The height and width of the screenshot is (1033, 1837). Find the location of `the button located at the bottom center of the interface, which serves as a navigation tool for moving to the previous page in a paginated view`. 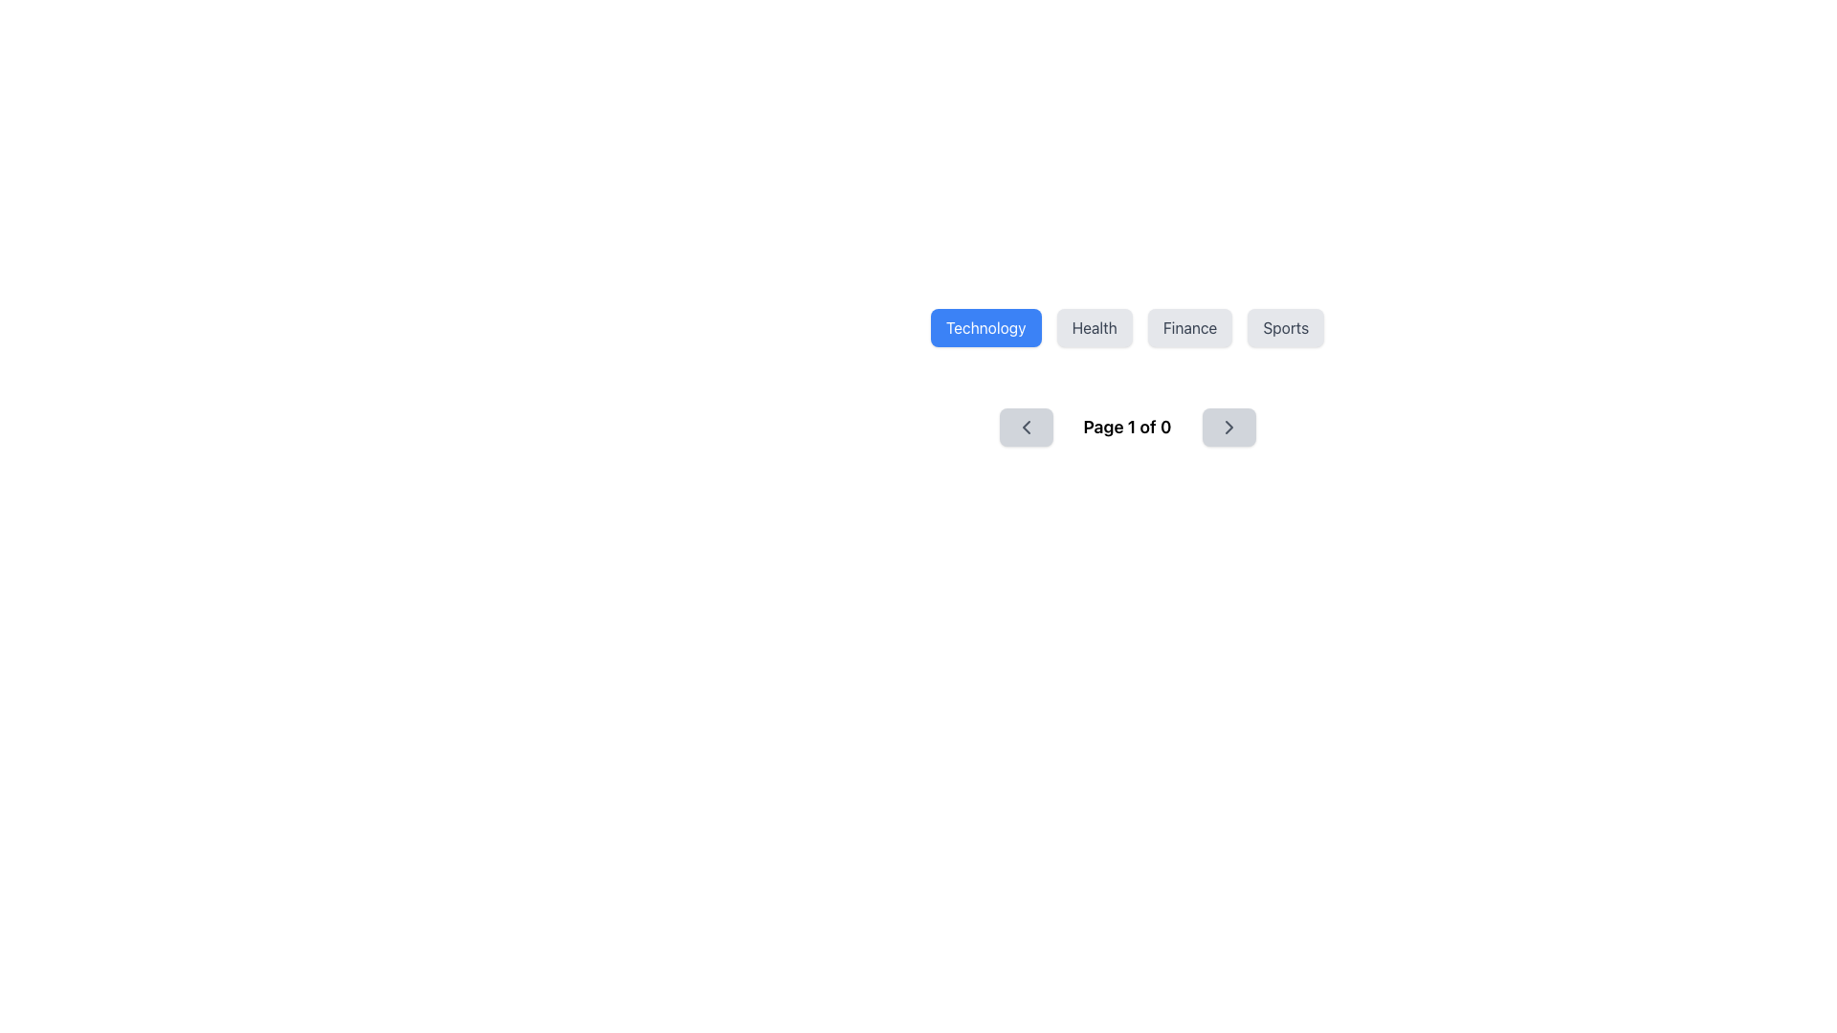

the button located at the bottom center of the interface, which serves as a navigation tool for moving to the previous page in a paginated view is located at coordinates (1025, 427).